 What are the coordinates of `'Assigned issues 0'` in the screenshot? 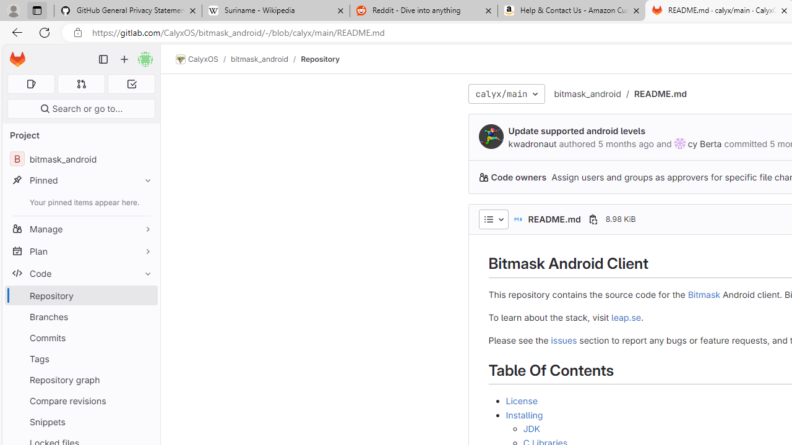 It's located at (31, 83).